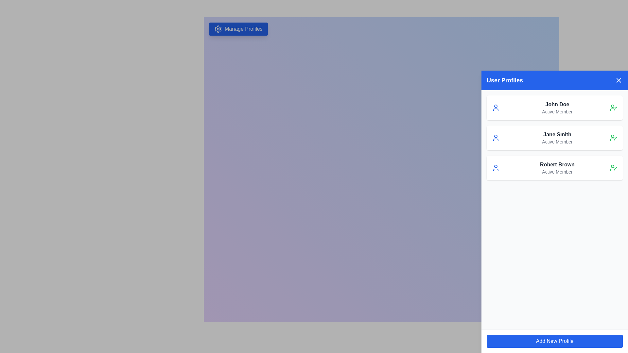 The image size is (628, 353). What do you see at coordinates (613, 108) in the screenshot?
I see `the active status icon located within John Doe's profile card, positioned towards the right edge adjacent to the Active Member label` at bounding box center [613, 108].